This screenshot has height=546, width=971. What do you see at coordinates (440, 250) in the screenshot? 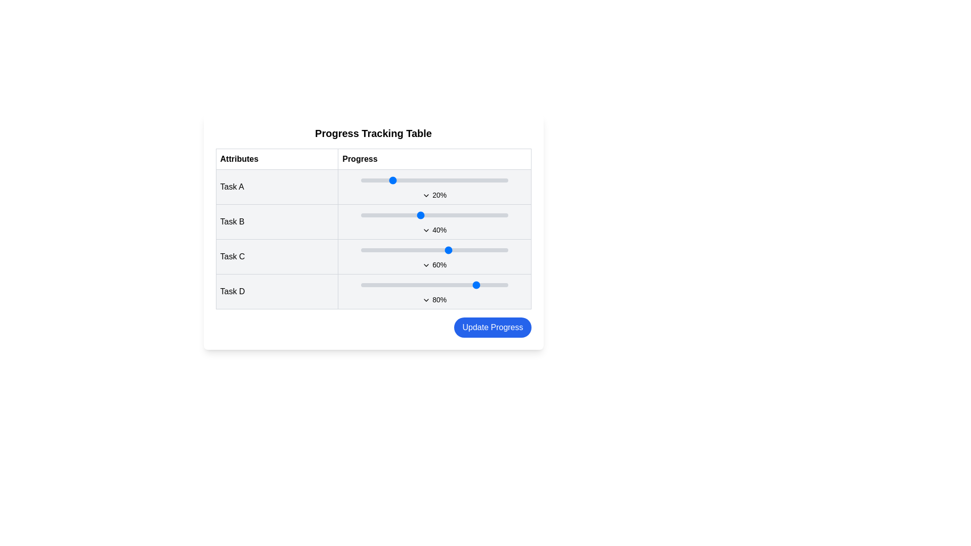
I see `the progress of Task C` at bounding box center [440, 250].